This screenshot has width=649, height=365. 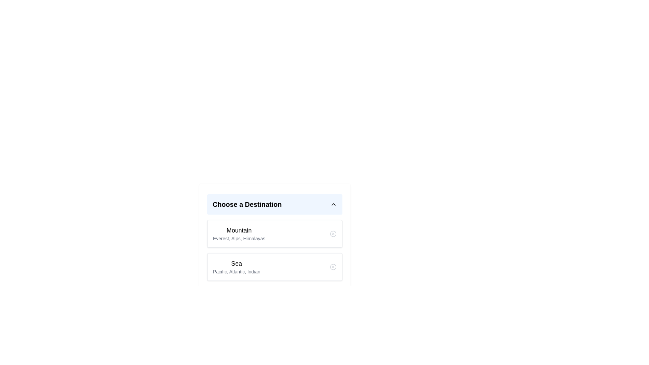 What do you see at coordinates (237, 267) in the screenshot?
I see `the 'Sea' category informative text block` at bounding box center [237, 267].